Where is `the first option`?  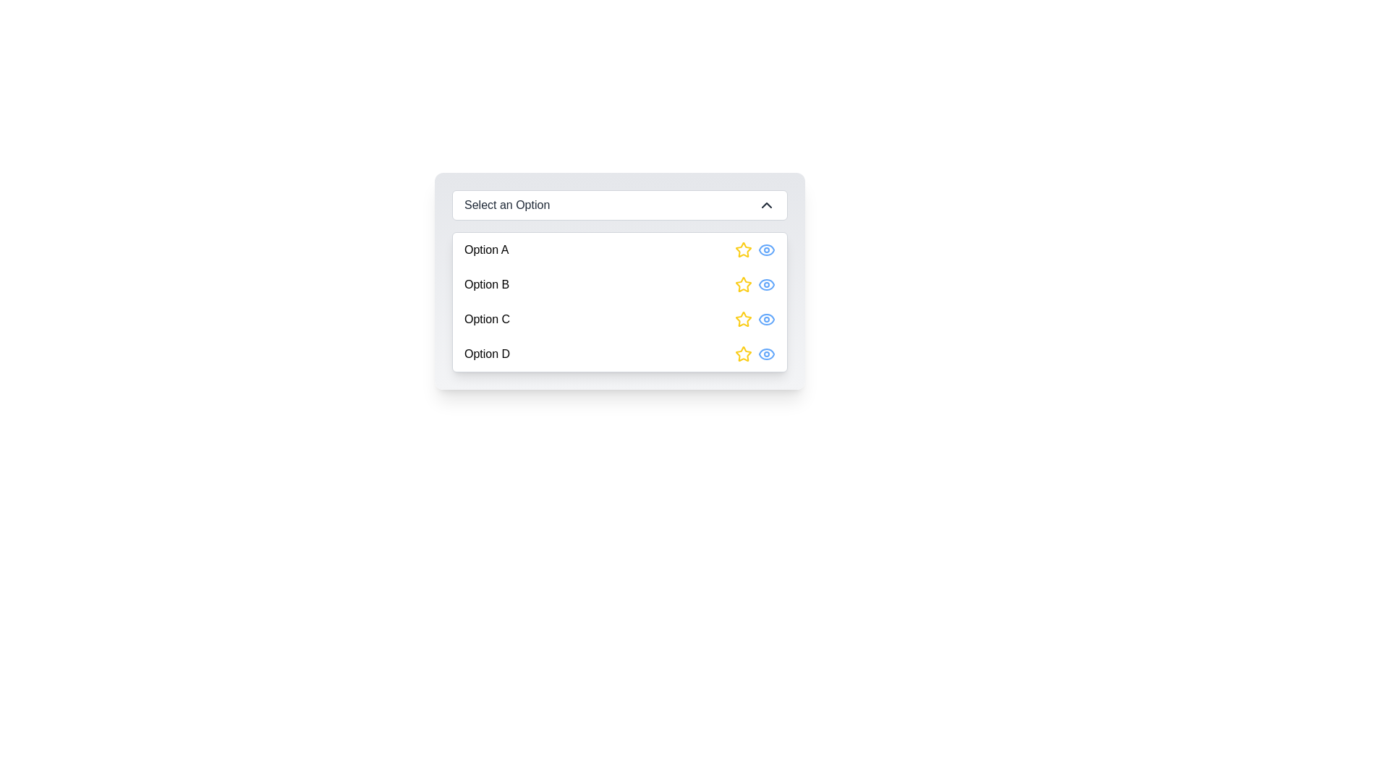
the first option is located at coordinates (620, 249).